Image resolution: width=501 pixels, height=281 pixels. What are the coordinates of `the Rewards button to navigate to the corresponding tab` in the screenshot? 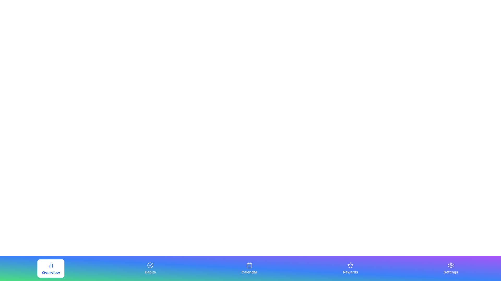 It's located at (350, 269).